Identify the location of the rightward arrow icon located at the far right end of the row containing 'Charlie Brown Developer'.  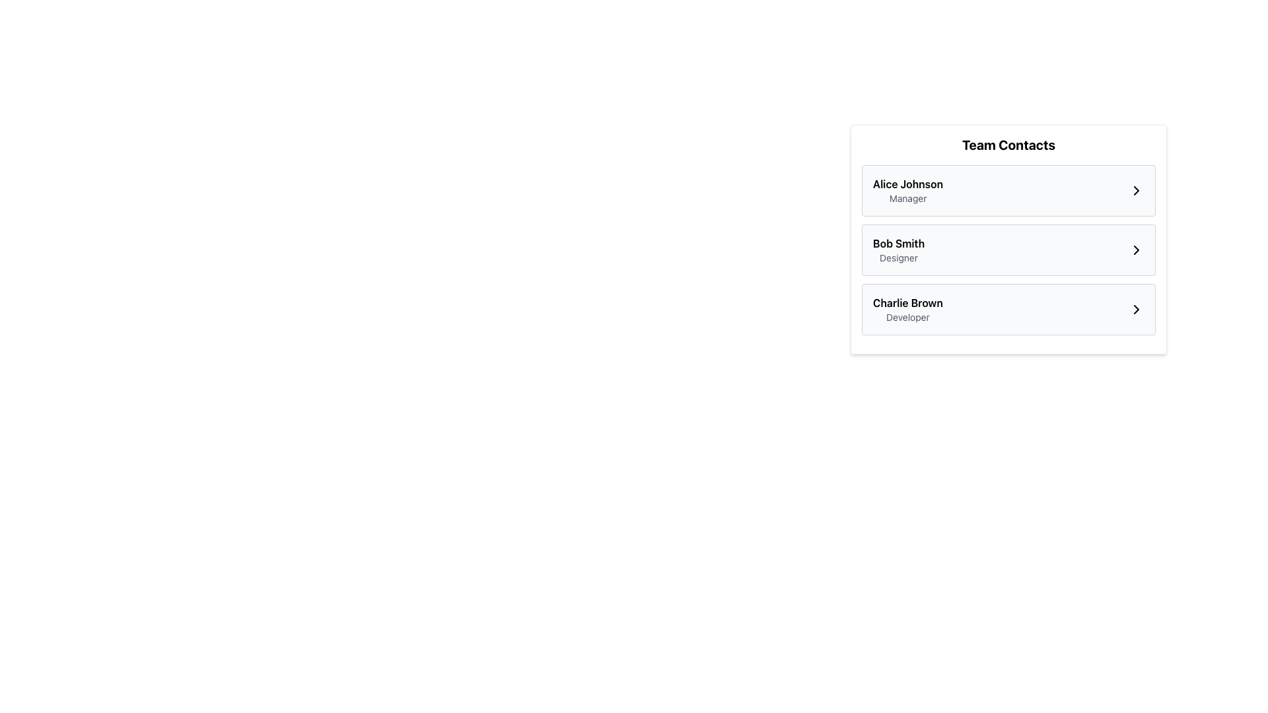
(1136, 310).